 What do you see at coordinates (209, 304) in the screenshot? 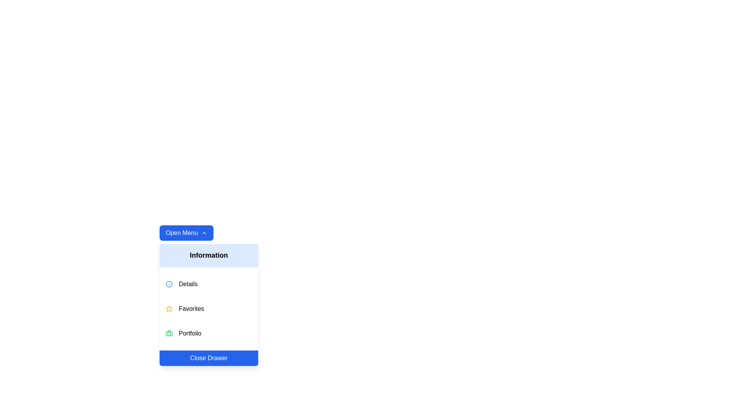
I see `the 'Favorites' option in the Menu Drawer` at bounding box center [209, 304].